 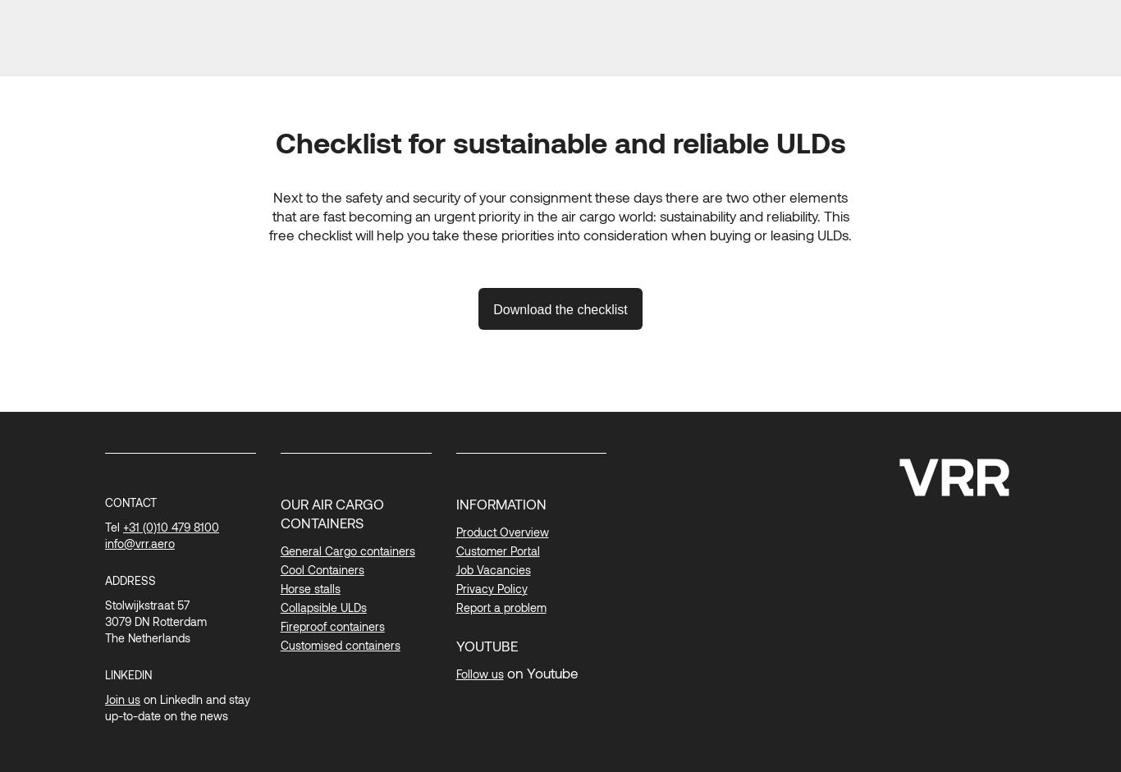 What do you see at coordinates (321, 569) in the screenshot?
I see `'Cool Containers'` at bounding box center [321, 569].